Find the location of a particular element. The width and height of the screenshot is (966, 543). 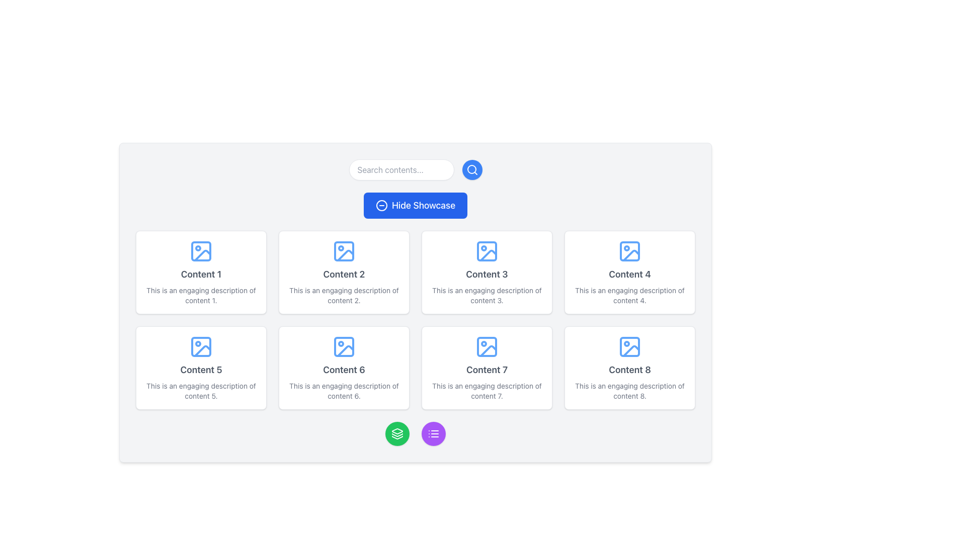

the 'Hide Showcase' text label, which is styled in a large, medium-bold font and is positioned inside a blue rectangular button near the upper center of the interface is located at coordinates (423, 205).